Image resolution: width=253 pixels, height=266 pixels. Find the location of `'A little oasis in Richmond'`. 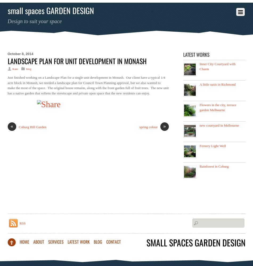

'A little oasis in Richmond' is located at coordinates (217, 84).